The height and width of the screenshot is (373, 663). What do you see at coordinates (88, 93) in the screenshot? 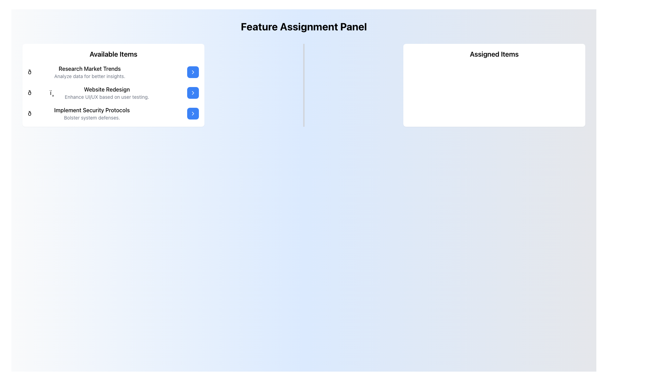
I see `the second list item labeled 'Website Redesign' with a description 'Enhance UI/UX based on user testing.' in the 'Available Items' section` at bounding box center [88, 93].